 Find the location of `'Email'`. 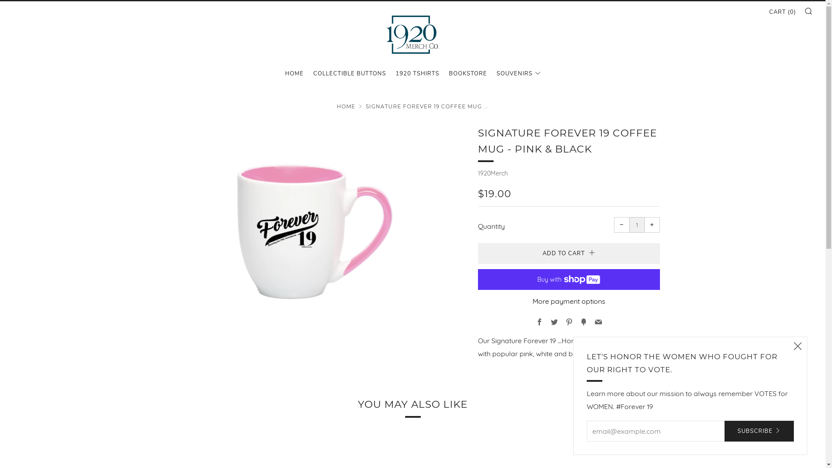

'Email' is located at coordinates (598, 322).